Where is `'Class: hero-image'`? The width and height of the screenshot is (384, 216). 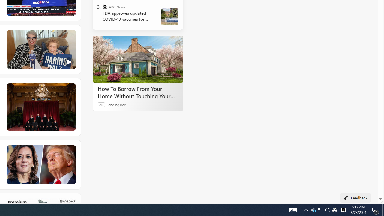 'Class: hero-image' is located at coordinates (40, 49).